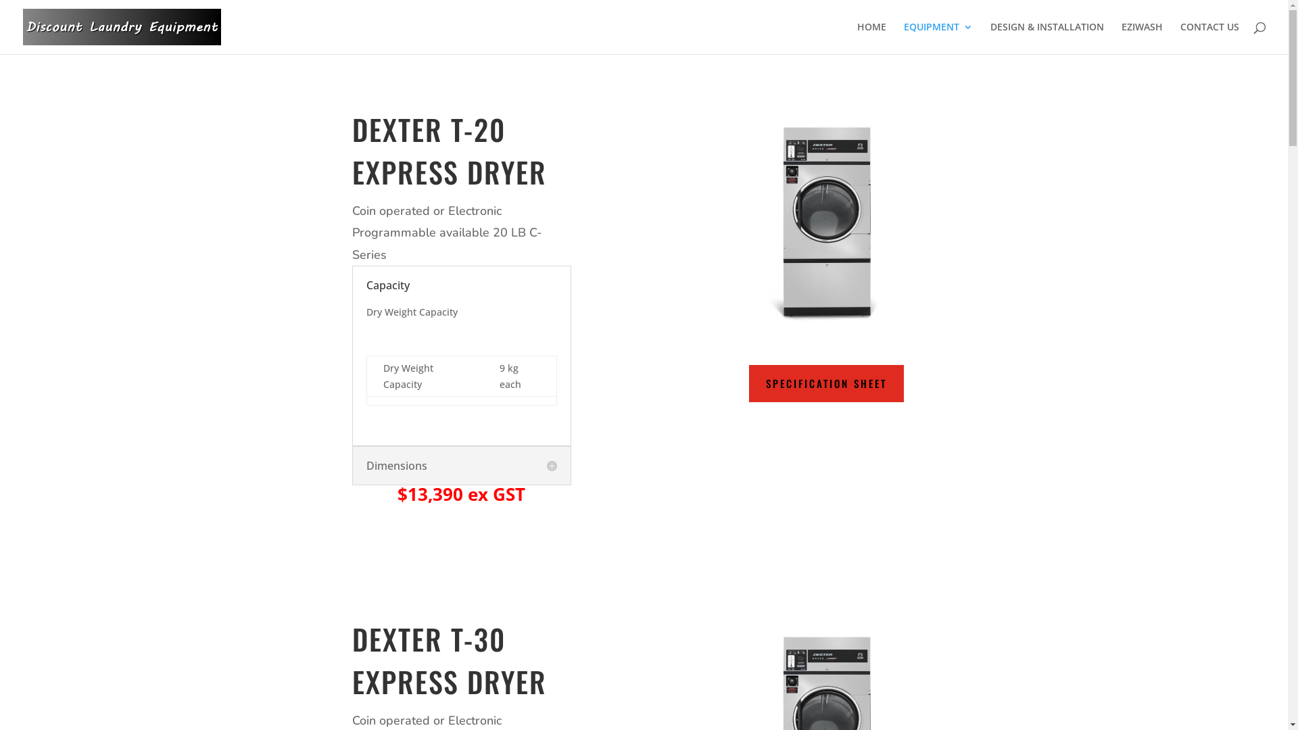  What do you see at coordinates (1180, 37) in the screenshot?
I see `'CONTACT US'` at bounding box center [1180, 37].